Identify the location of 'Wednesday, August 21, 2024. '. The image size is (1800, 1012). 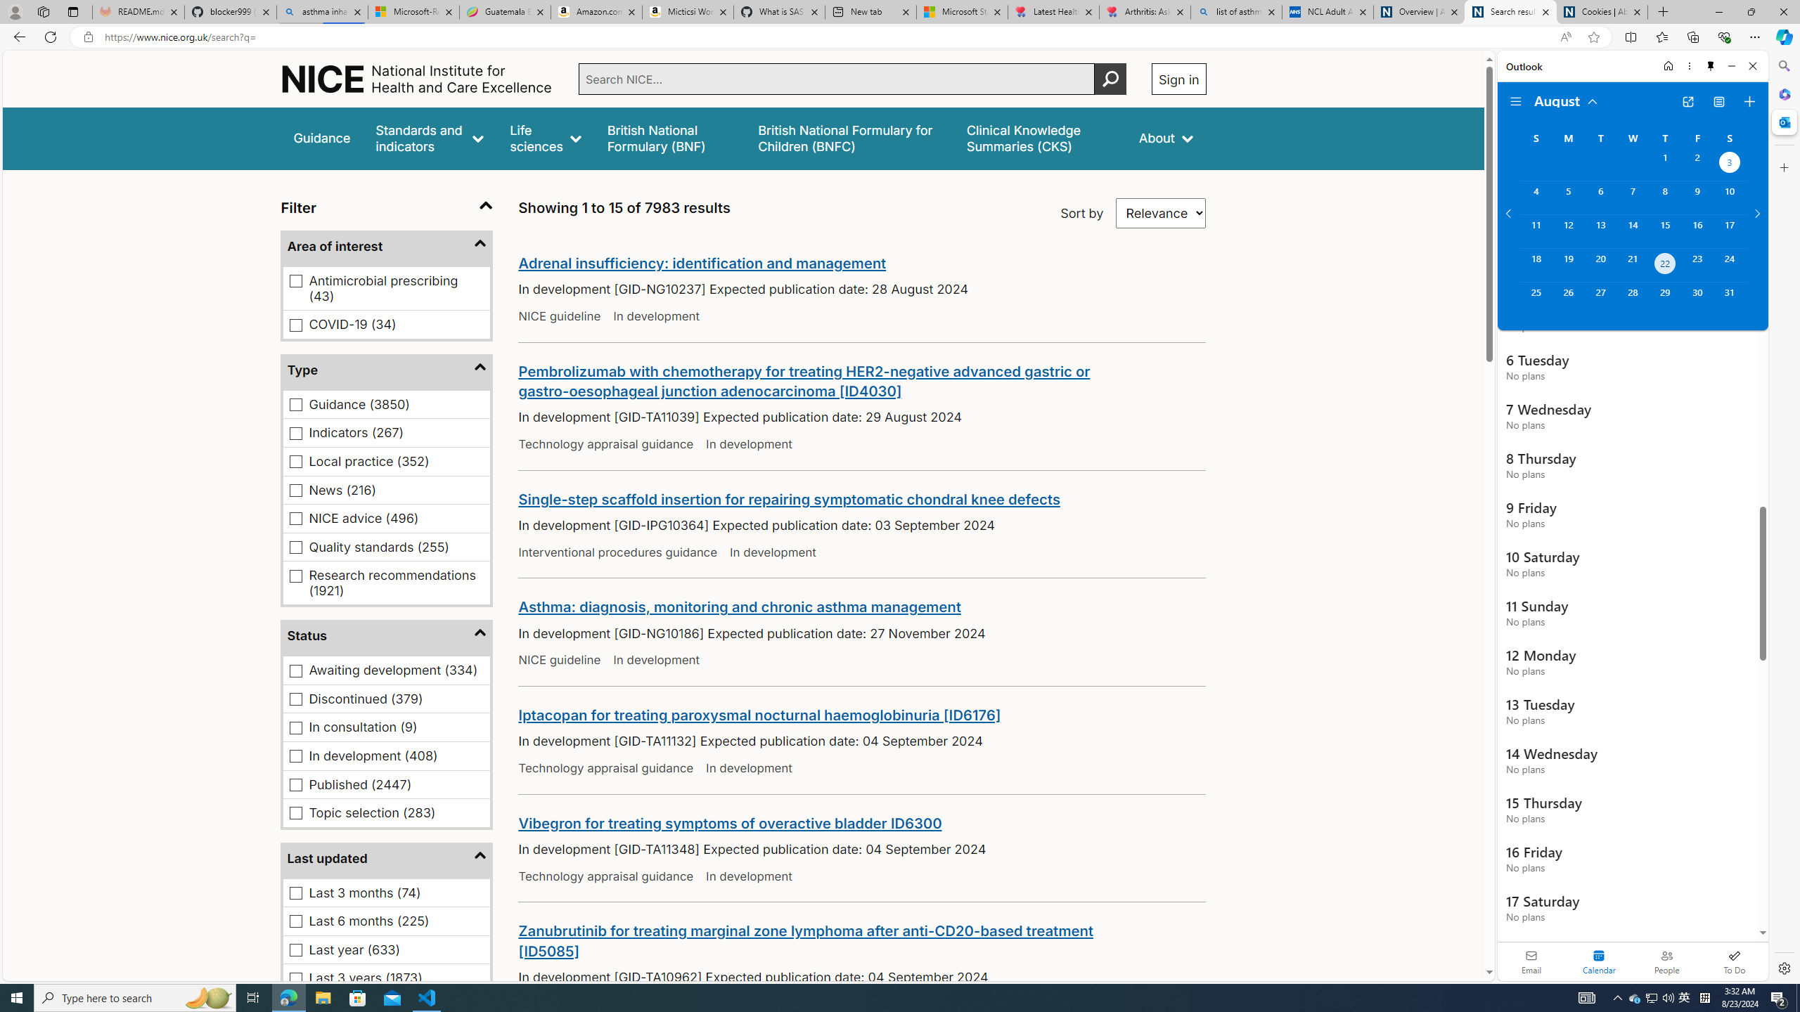
(1631, 264).